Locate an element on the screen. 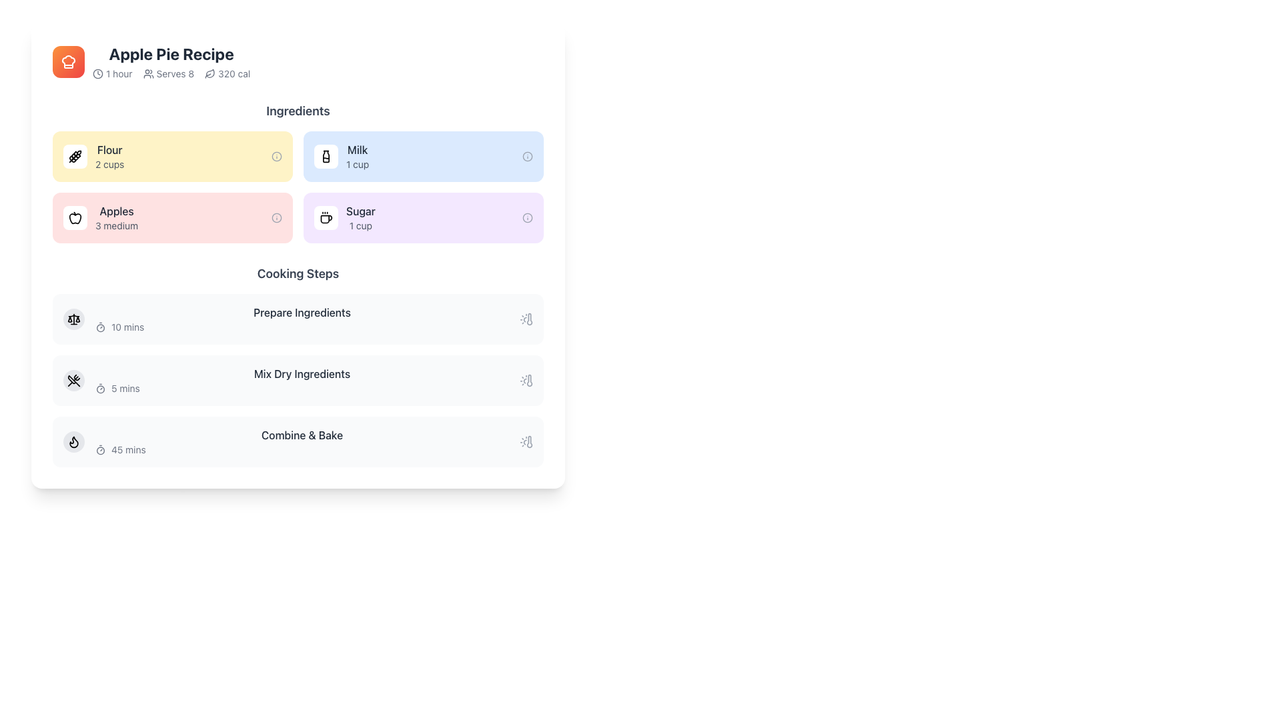 This screenshot has height=720, width=1281. the Information icon, which is a small gray circular icon with an 'i', located at the rightmost margin of the yellow ingredient card labeled 'Flour 2 cups' is located at coordinates (276, 156).